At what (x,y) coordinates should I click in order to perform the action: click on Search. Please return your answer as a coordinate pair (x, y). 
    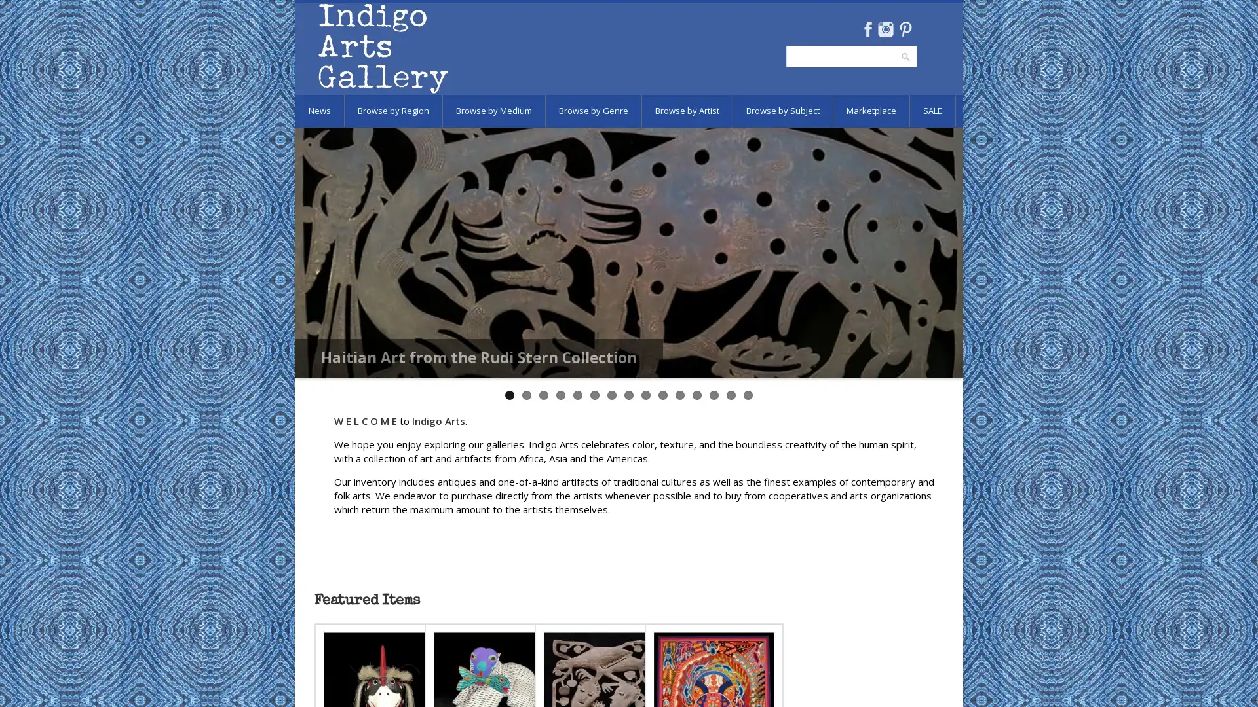
    Looking at the image, I should click on (905, 56).